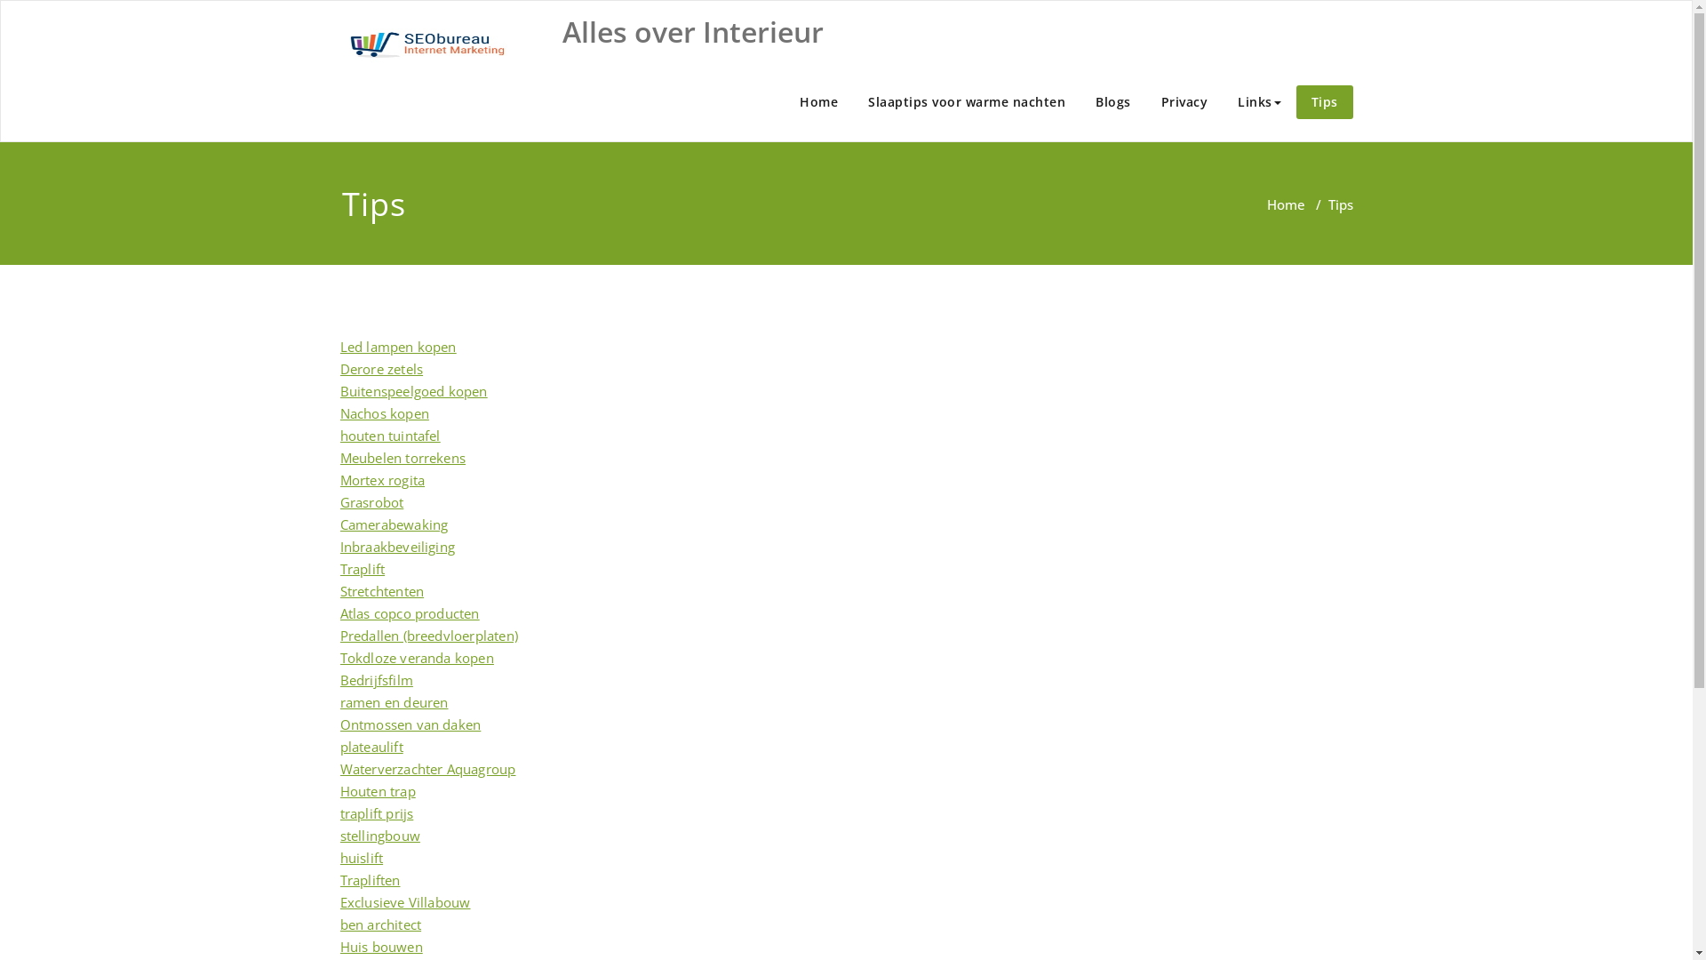 This screenshot has height=960, width=1706. I want to click on 'Nachos kopen', so click(383, 413).